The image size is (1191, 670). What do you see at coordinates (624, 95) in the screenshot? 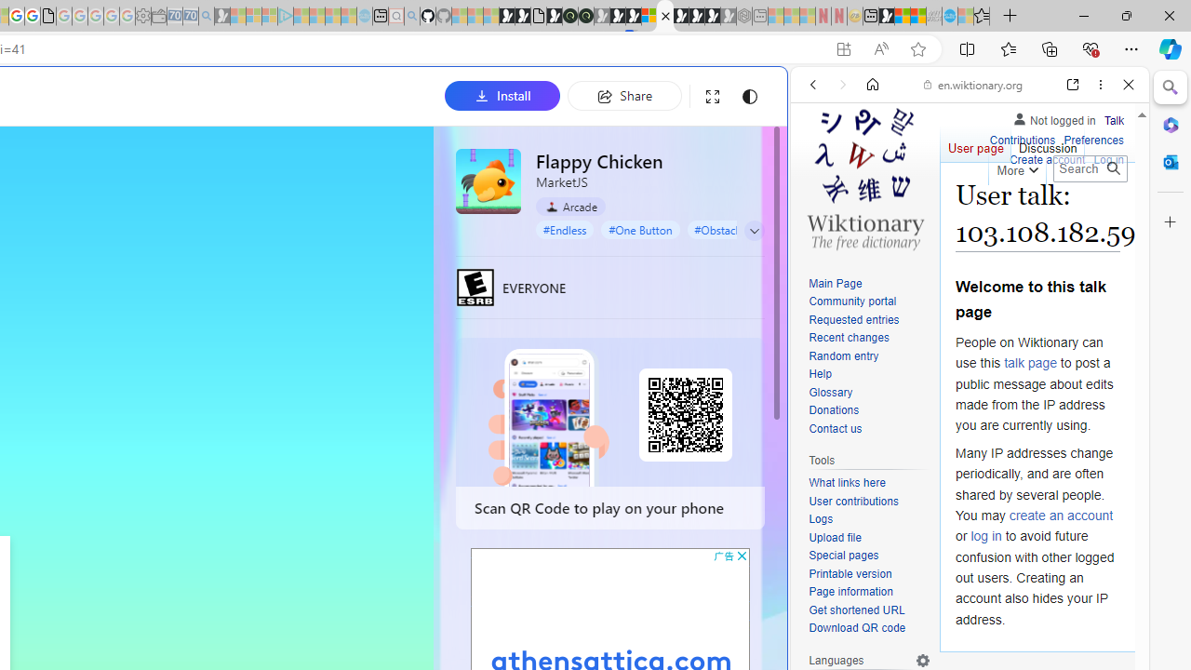
I see `'Share'` at bounding box center [624, 95].